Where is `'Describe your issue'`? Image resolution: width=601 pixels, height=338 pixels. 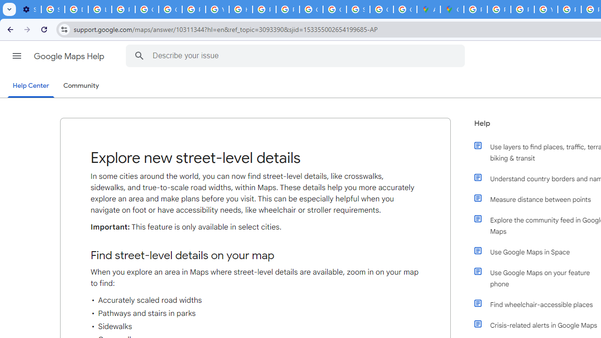 'Describe your issue' is located at coordinates (296, 55).